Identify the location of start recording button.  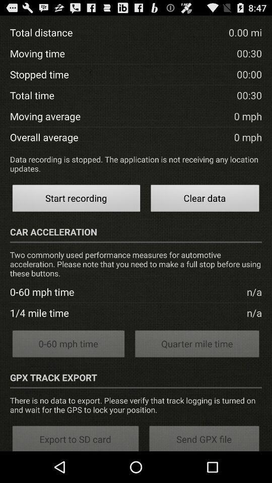
(76, 199).